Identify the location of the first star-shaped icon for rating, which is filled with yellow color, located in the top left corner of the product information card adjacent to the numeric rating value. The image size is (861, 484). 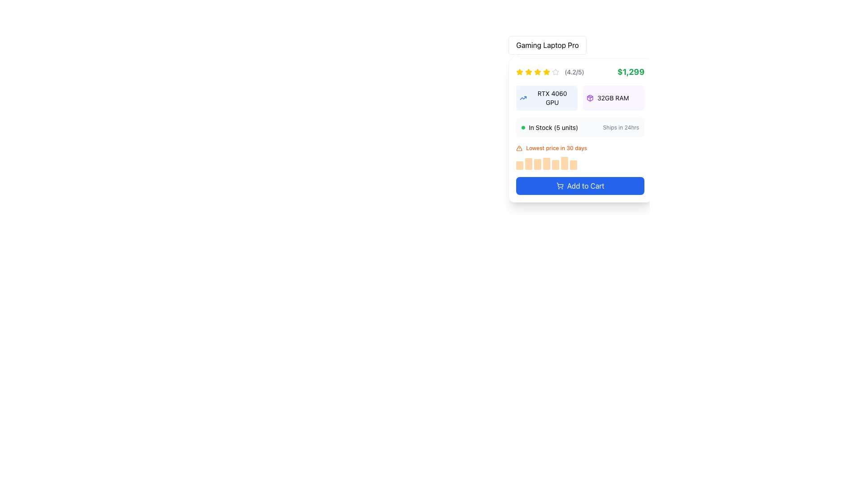
(529, 71).